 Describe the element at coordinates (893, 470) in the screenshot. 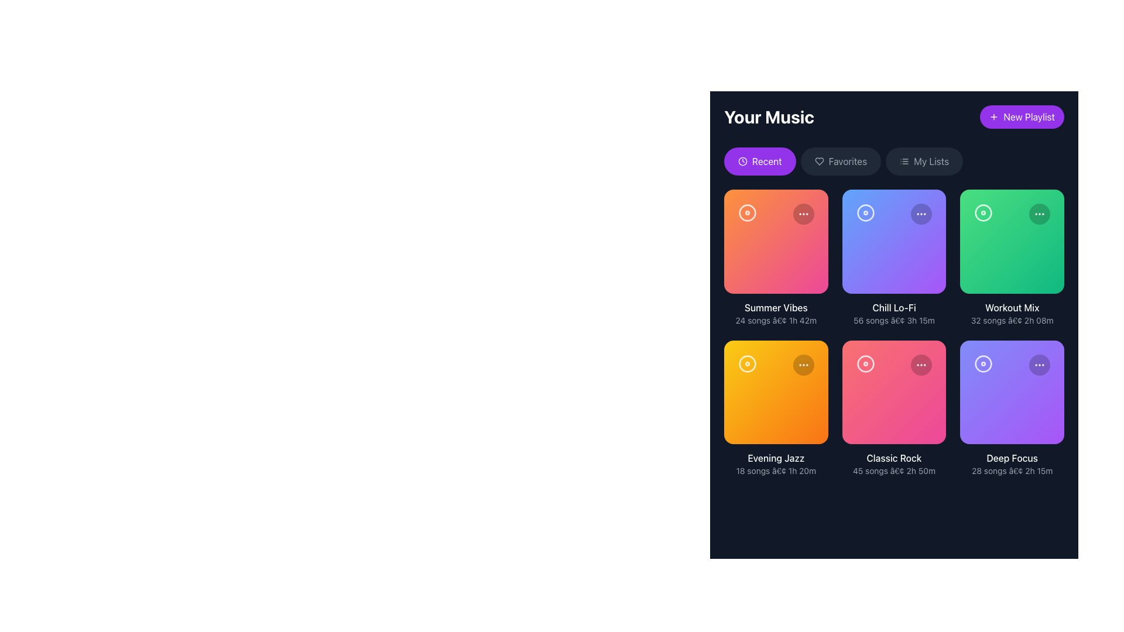

I see `the text label displaying '45 songs • 2h 50m', which is styled in gray and located directly below the title 'Classic Rock' within the card interface` at that location.